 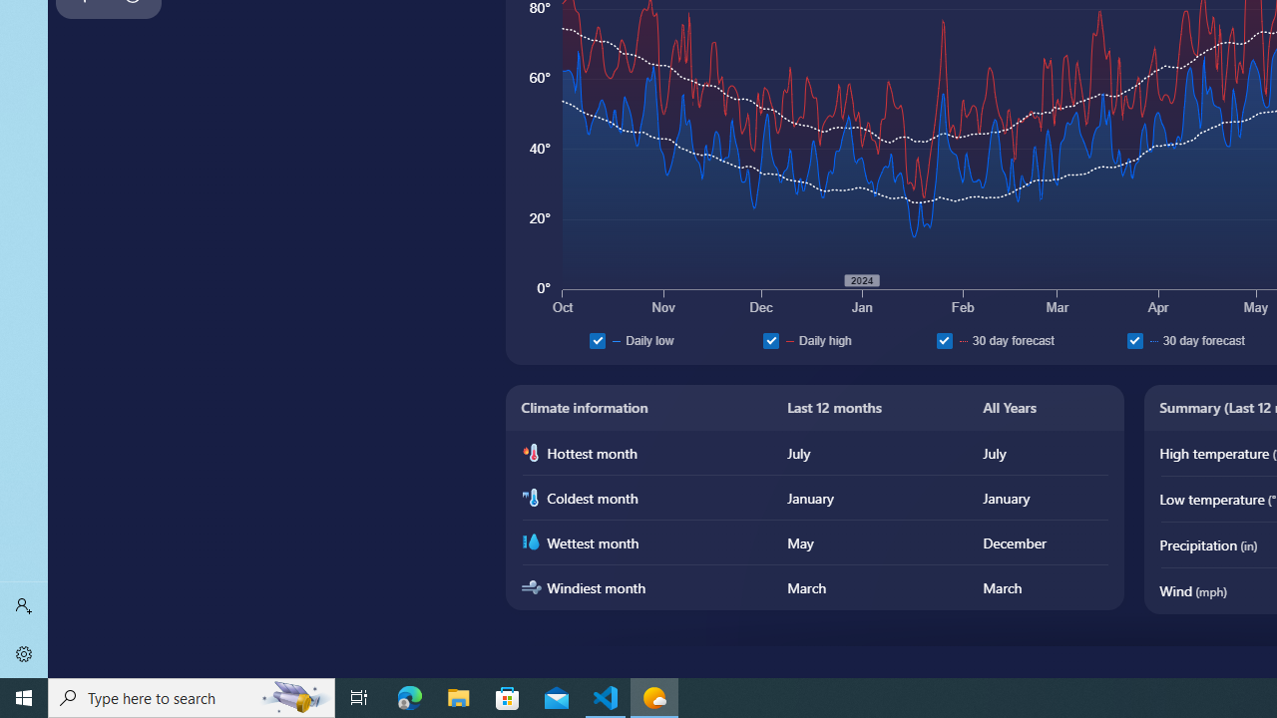 I want to click on 'Visual Studio Code - 1 running window', so click(x=605, y=696).